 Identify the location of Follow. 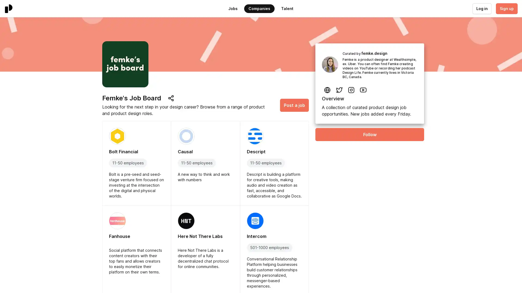
(369, 134).